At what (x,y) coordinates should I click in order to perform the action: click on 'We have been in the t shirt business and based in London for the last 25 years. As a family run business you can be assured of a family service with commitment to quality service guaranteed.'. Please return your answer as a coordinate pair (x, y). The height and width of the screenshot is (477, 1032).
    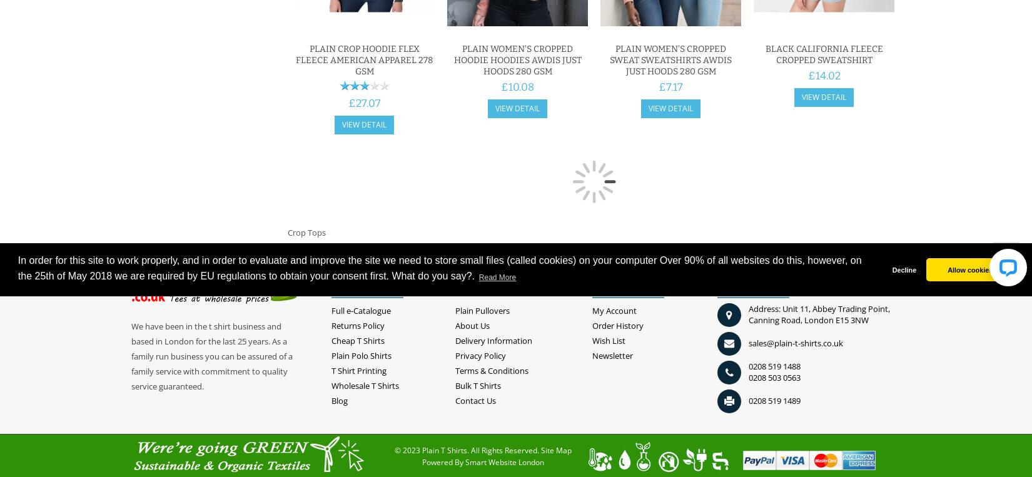
    Looking at the image, I should click on (212, 354).